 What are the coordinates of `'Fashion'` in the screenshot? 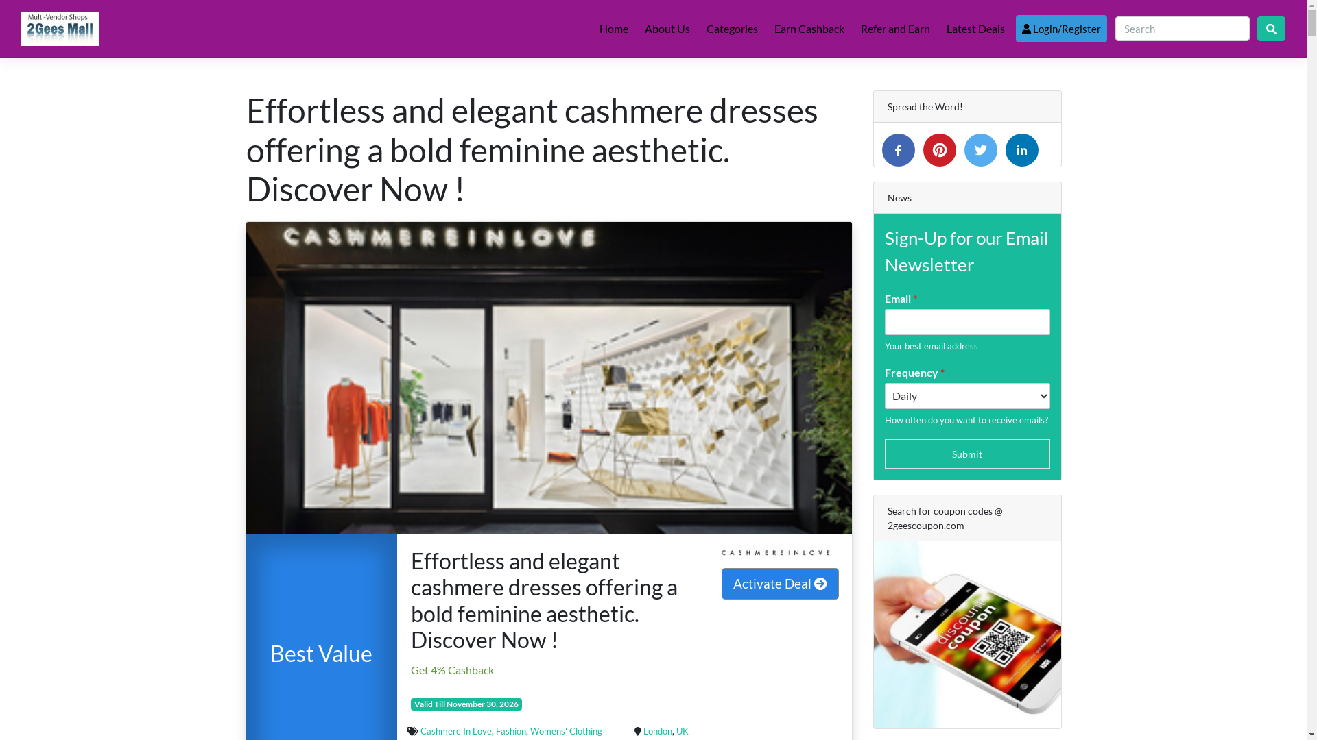 It's located at (510, 730).